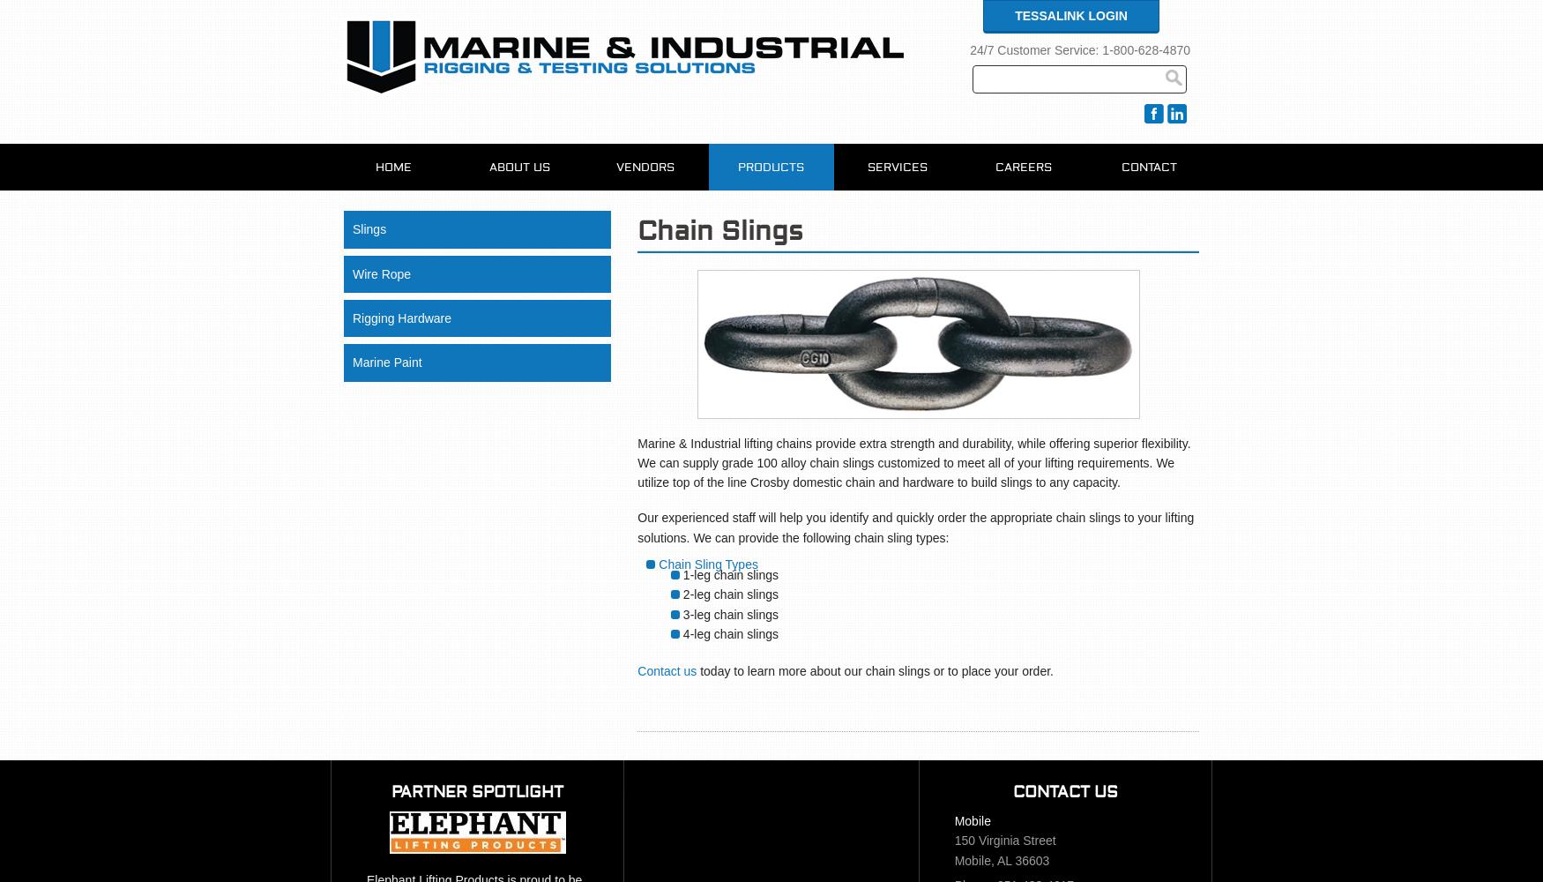 Image resolution: width=1543 pixels, height=882 pixels. I want to click on 'Contact Us', so click(1011, 791).